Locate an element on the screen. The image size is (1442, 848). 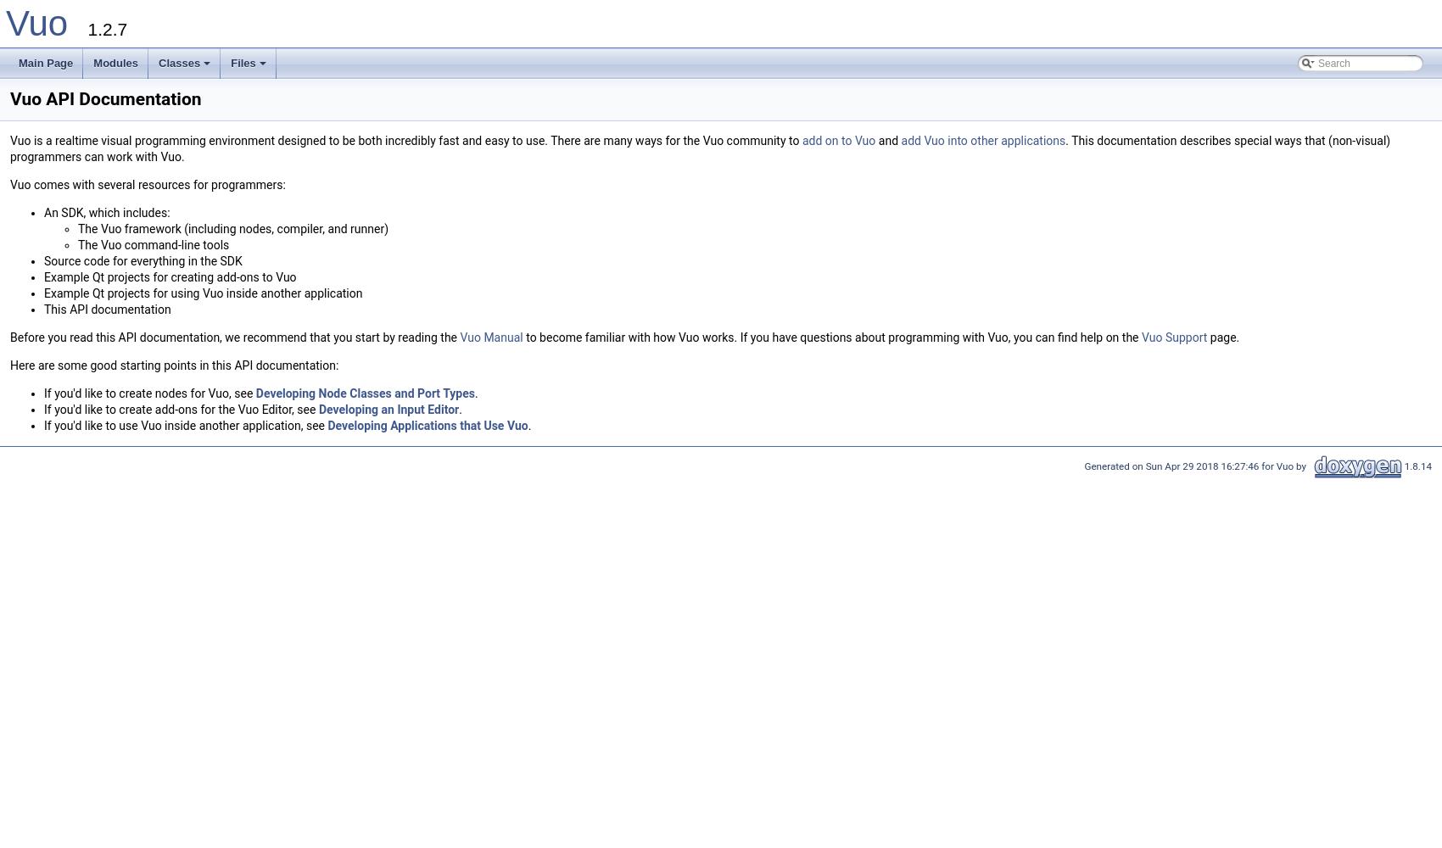
'Developing Applications that Use Vuo' is located at coordinates (428, 426).